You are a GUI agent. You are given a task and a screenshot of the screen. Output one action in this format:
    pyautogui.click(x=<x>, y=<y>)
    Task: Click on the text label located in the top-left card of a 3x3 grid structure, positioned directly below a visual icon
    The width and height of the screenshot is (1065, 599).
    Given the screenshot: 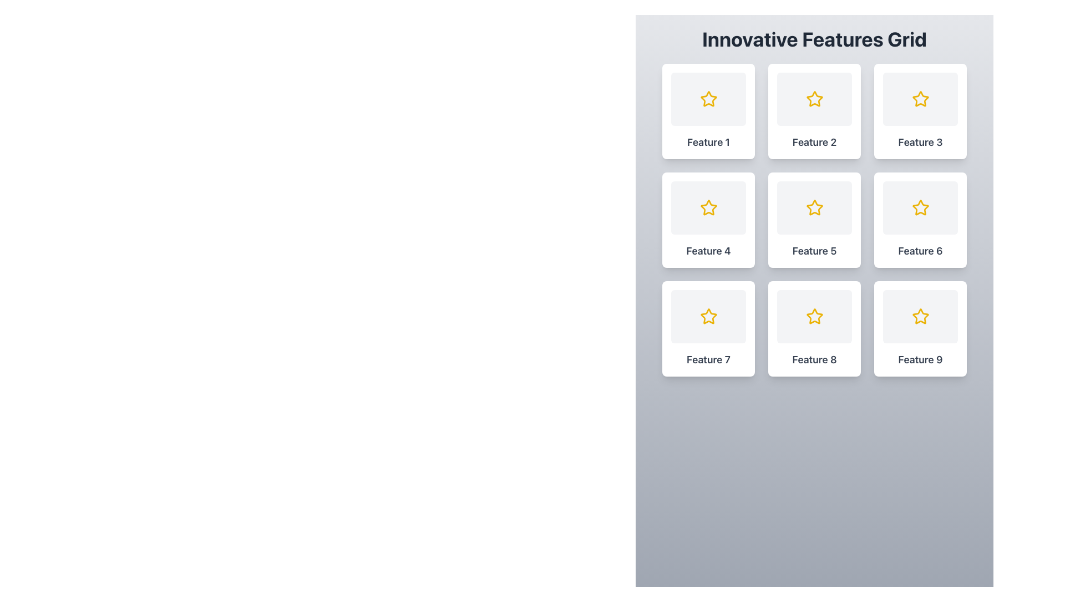 What is the action you would take?
    pyautogui.click(x=708, y=142)
    